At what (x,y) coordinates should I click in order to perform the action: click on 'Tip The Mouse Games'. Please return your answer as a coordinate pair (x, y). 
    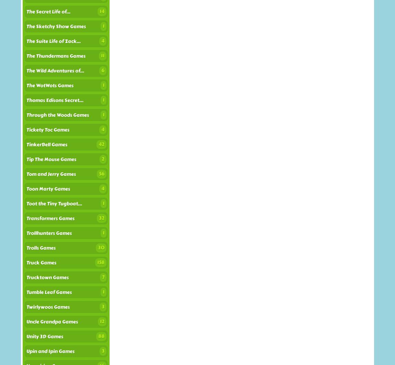
    Looking at the image, I should click on (51, 159).